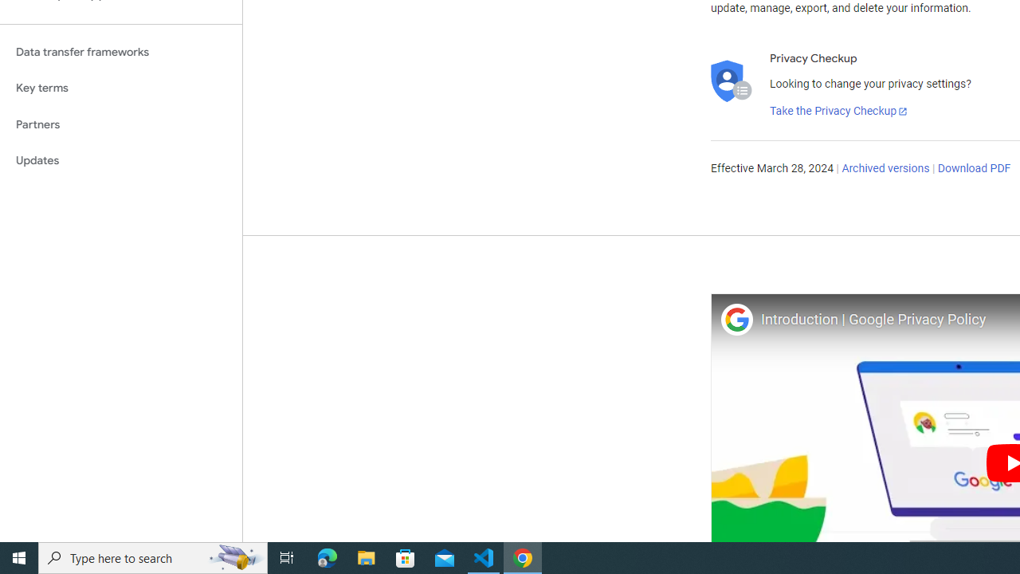  Describe the element at coordinates (838, 111) in the screenshot. I see `'Take the Privacy Checkup'` at that location.